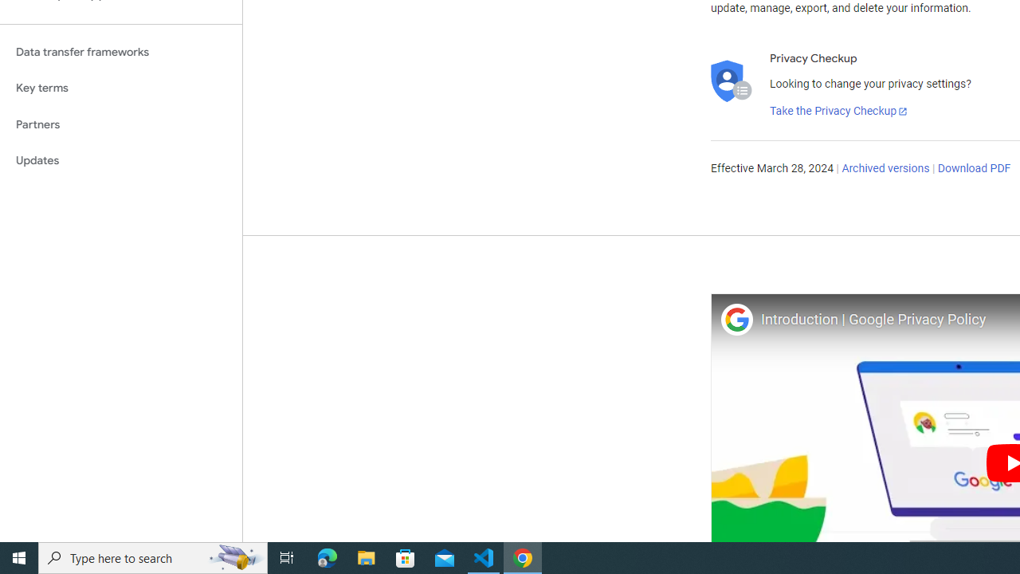  Describe the element at coordinates (838, 111) in the screenshot. I see `'Take the Privacy Checkup'` at that location.